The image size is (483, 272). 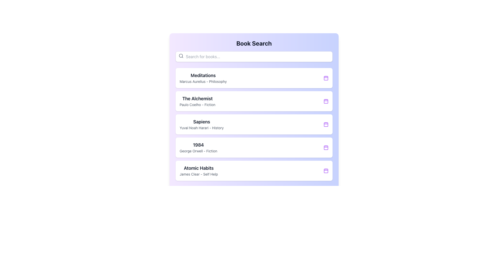 I want to click on the first list item showcasing a book title and author, located directly below the search bar in the interface, so click(x=254, y=78).